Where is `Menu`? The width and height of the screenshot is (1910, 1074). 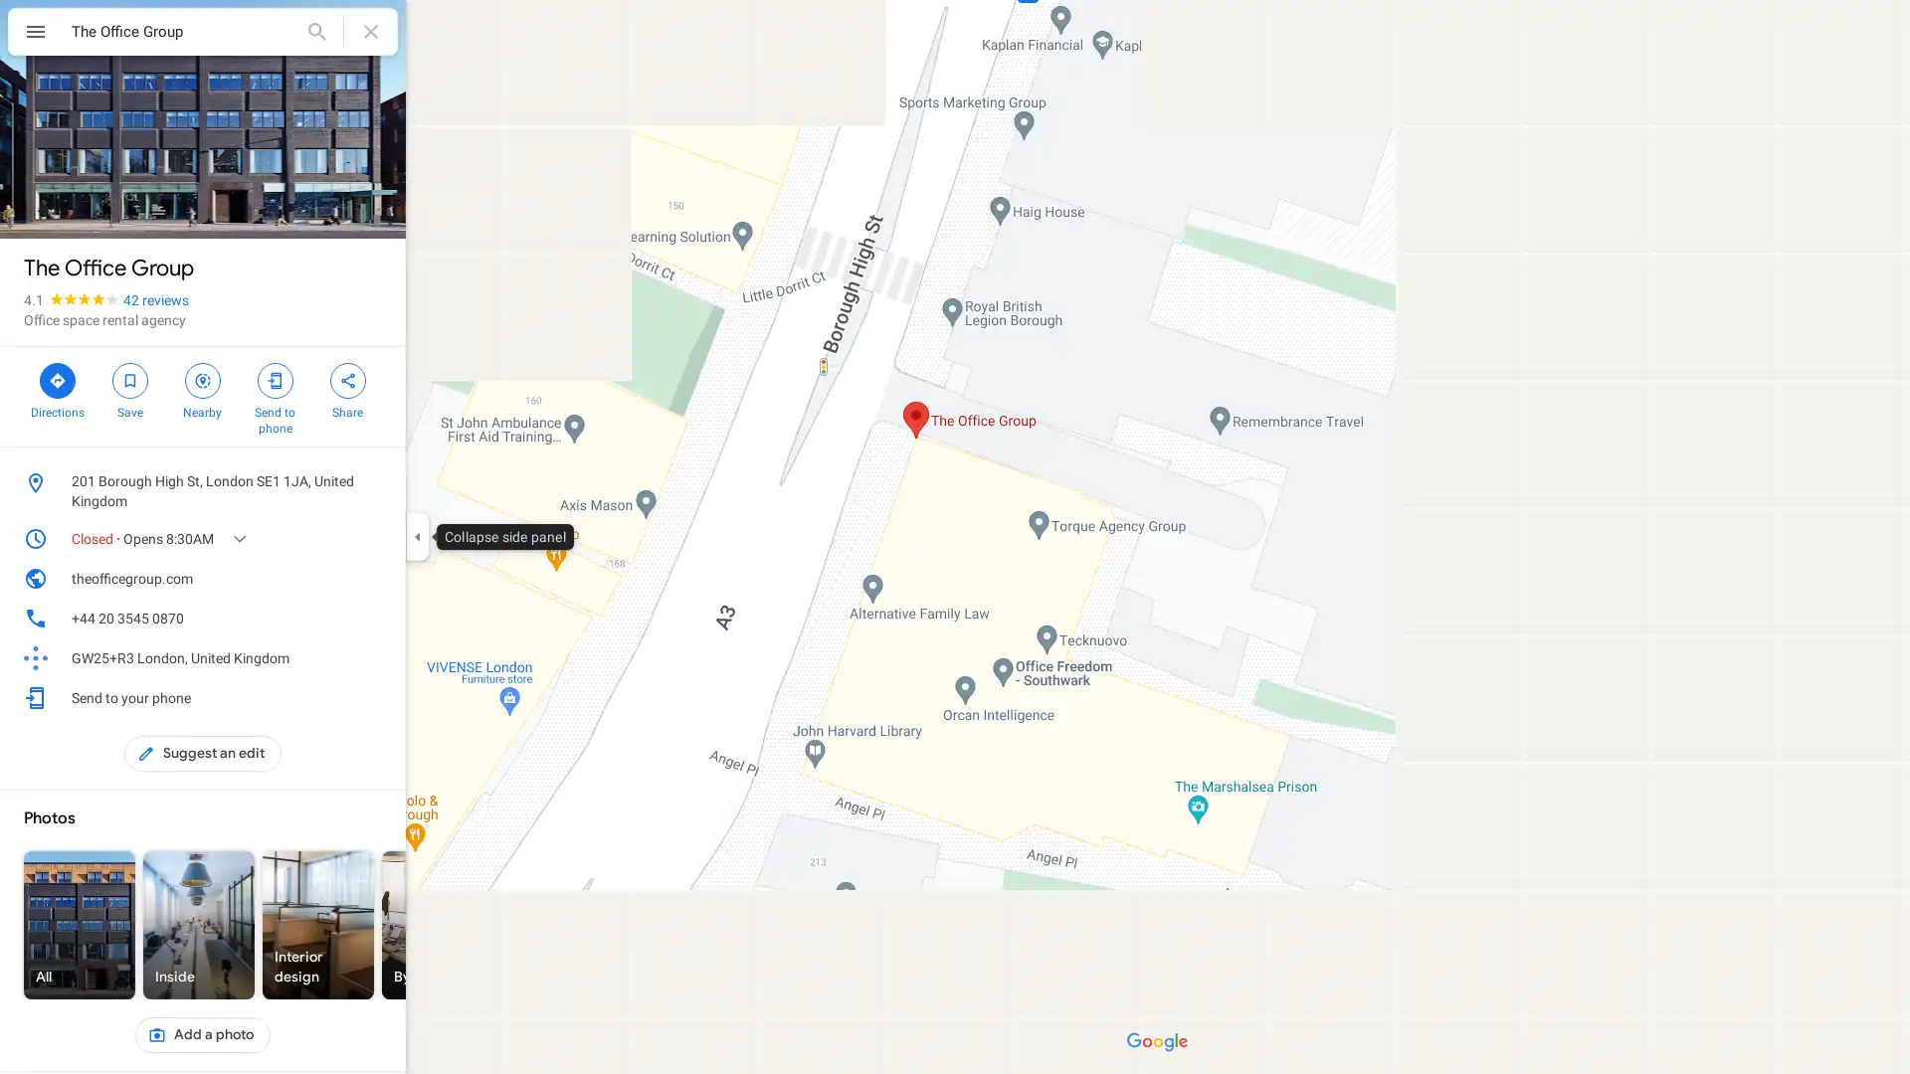 Menu is located at coordinates (35, 34).